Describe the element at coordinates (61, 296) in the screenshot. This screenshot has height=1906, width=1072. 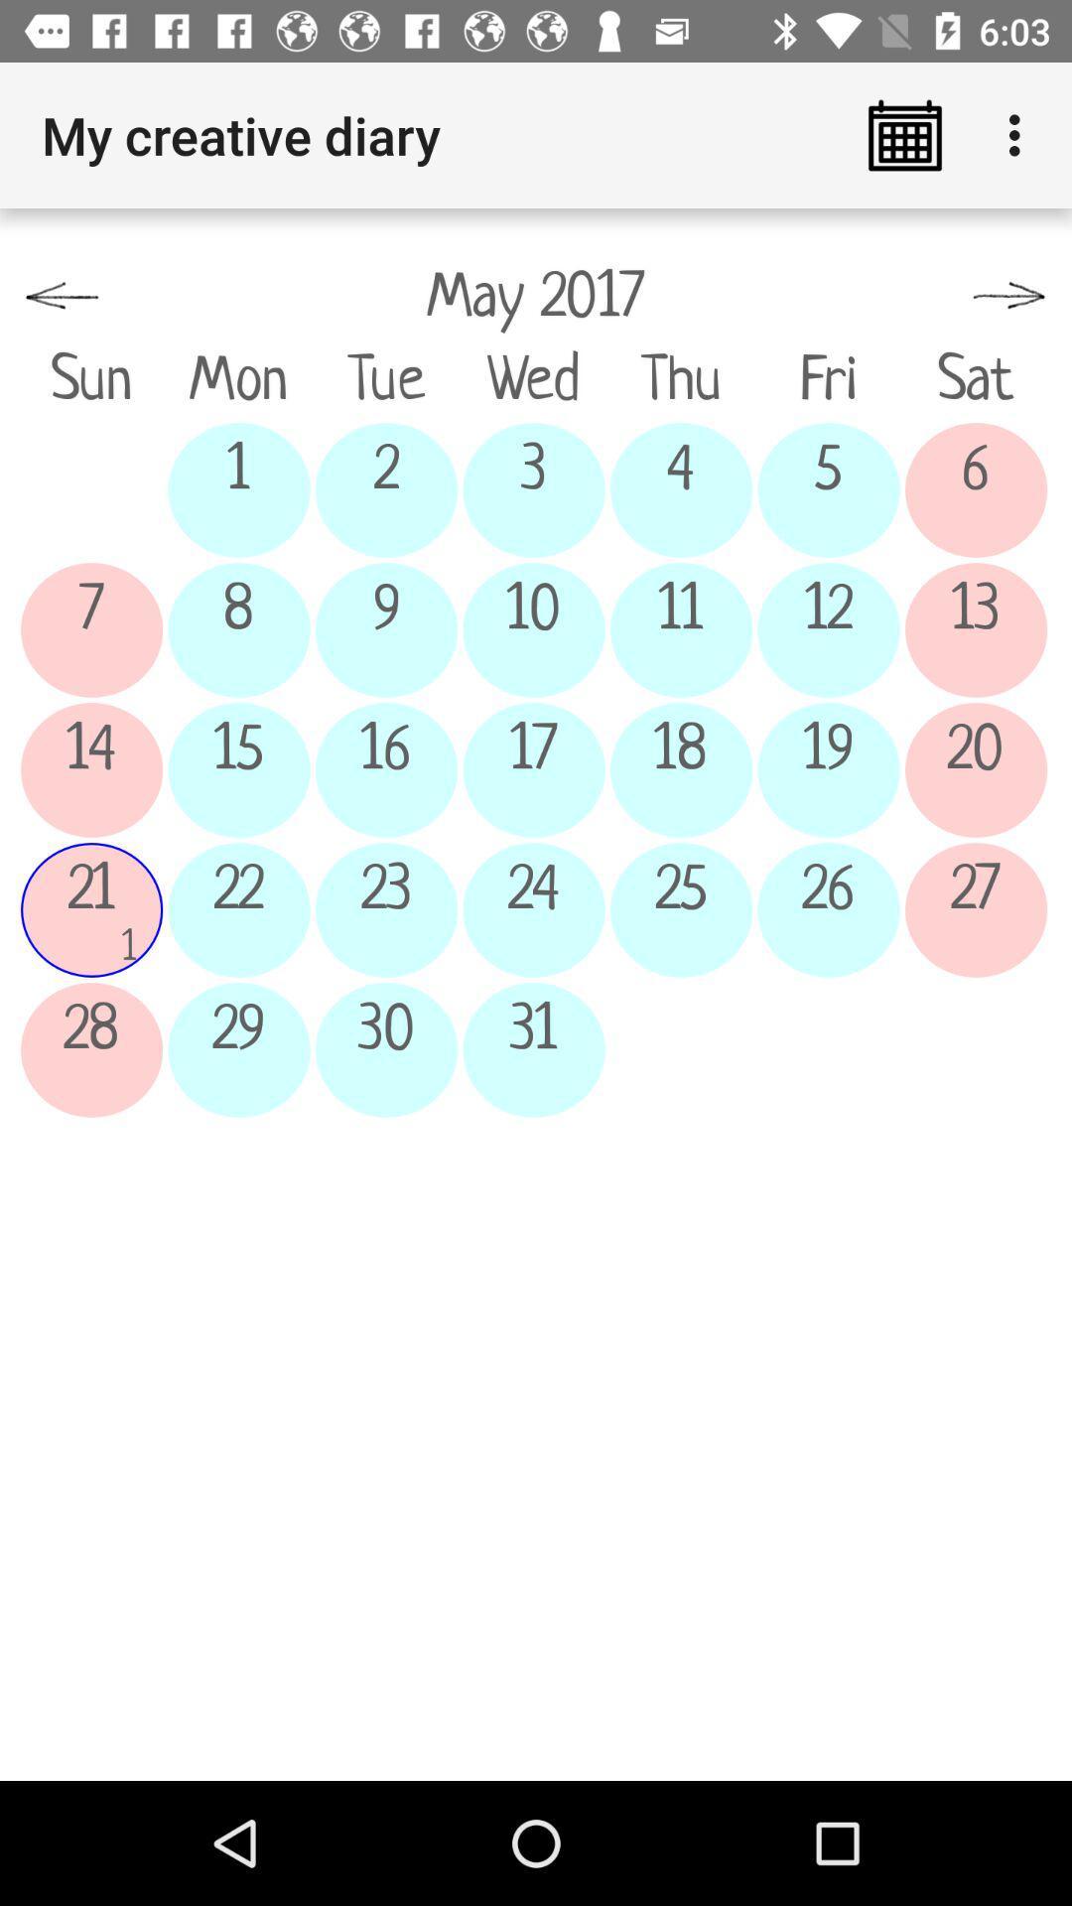
I see `the arrow_backward icon` at that location.